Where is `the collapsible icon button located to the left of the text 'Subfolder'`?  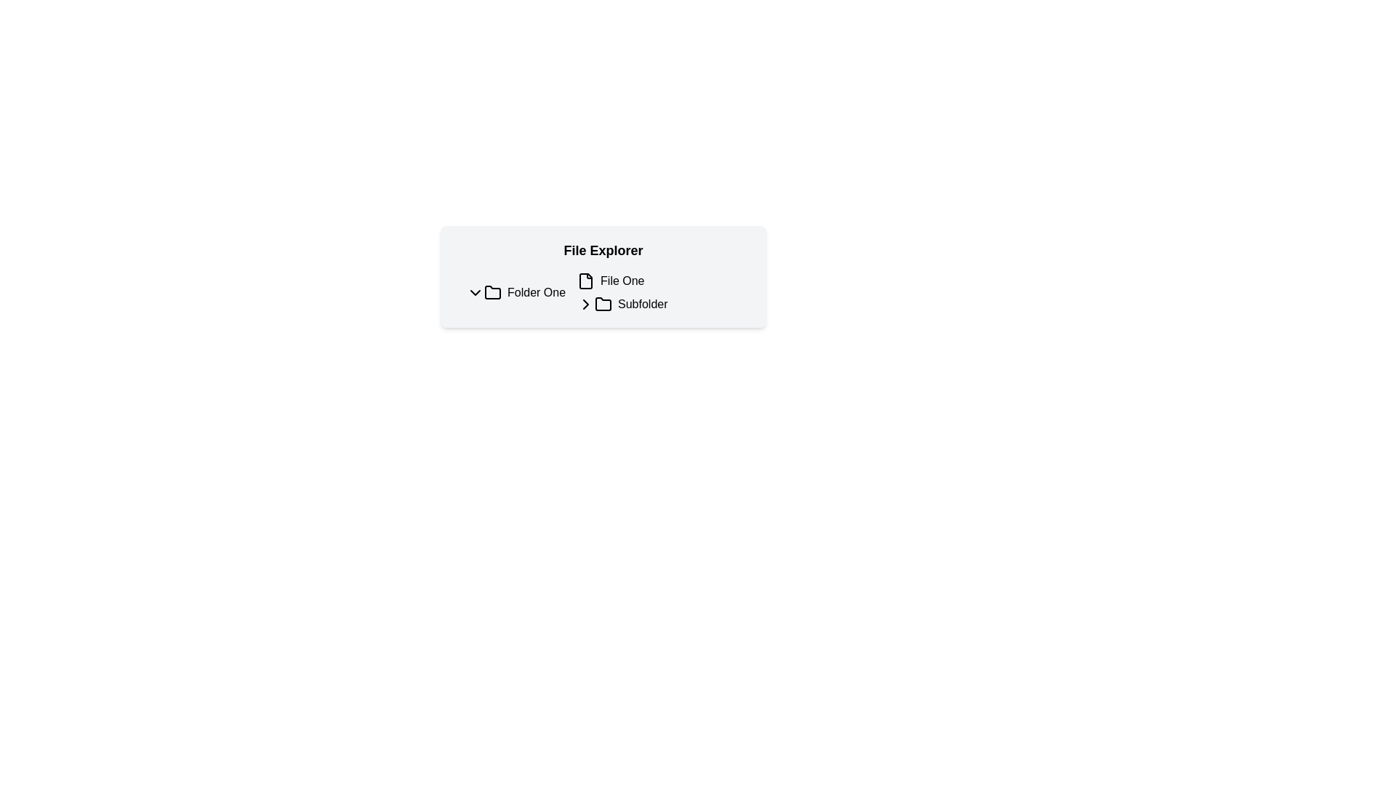
the collapsible icon button located to the left of the text 'Subfolder' is located at coordinates (586, 304).